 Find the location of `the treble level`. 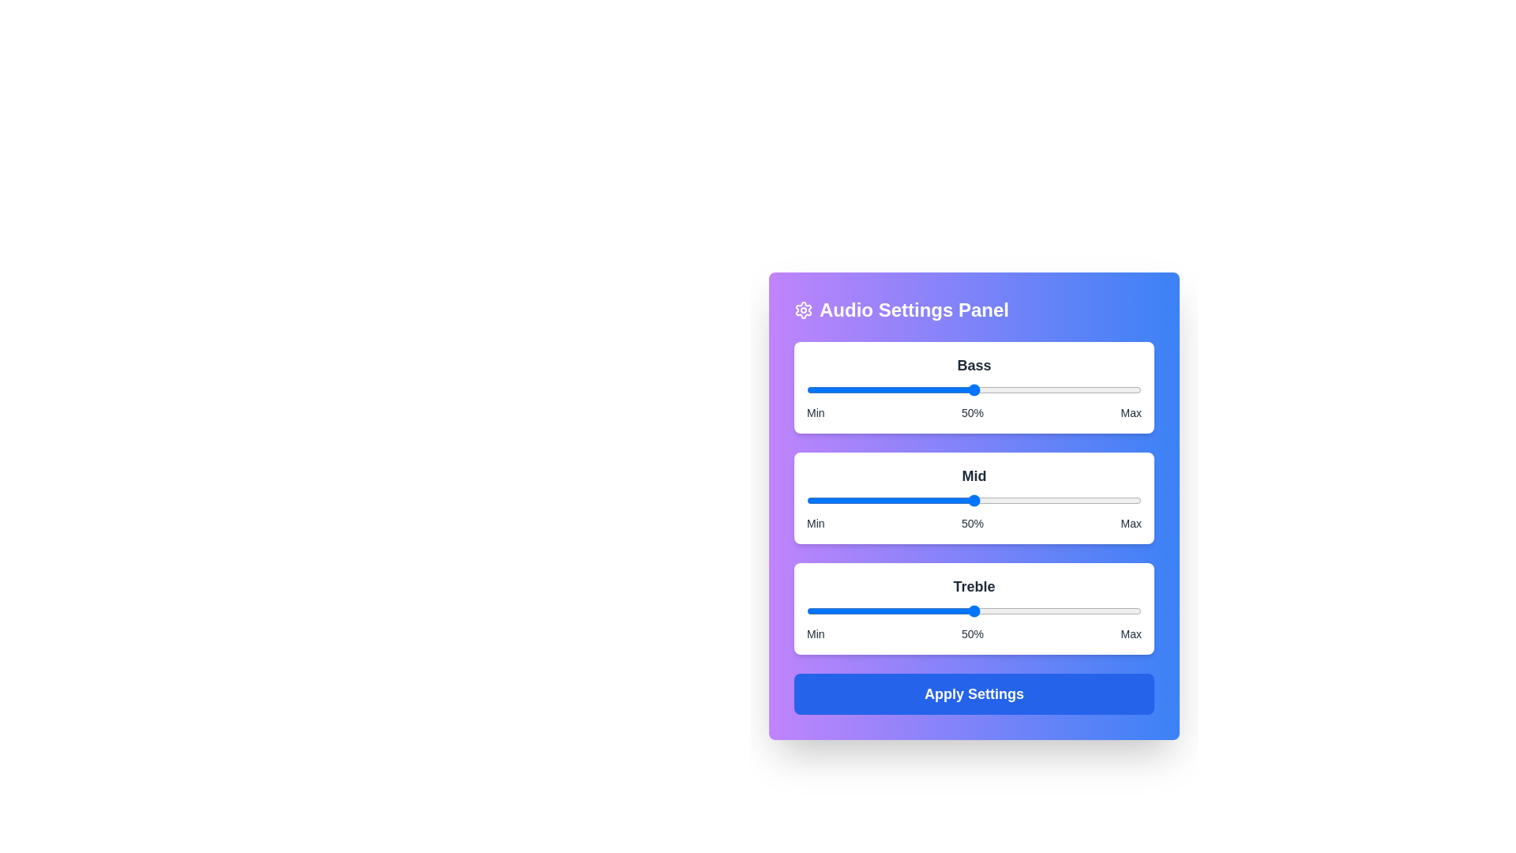

the treble level is located at coordinates (1104, 611).